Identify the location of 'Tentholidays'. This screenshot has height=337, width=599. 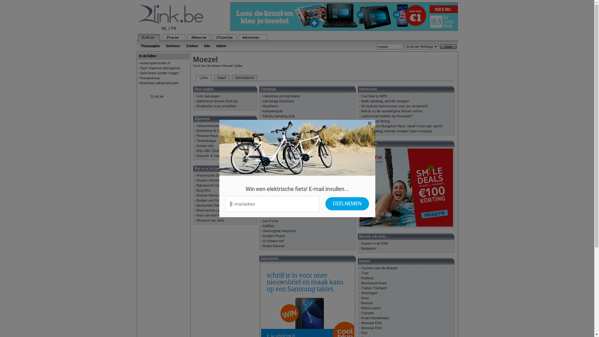
(206, 141).